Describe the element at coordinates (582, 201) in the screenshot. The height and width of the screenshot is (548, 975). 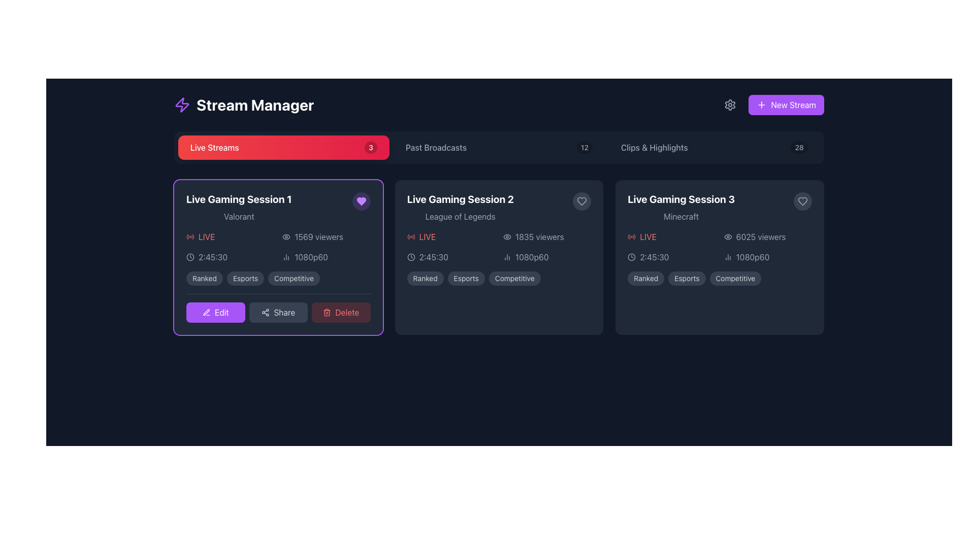
I see `the favorite button, which is represented by a heart icon, located in the top-right corner of the card containing 'Live Gaming Session 2' and 'League of Legends'` at that location.